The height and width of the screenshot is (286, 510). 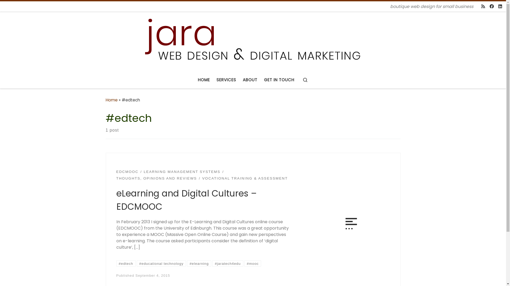 I want to click on 'September 4, 2015', so click(x=135, y=275).